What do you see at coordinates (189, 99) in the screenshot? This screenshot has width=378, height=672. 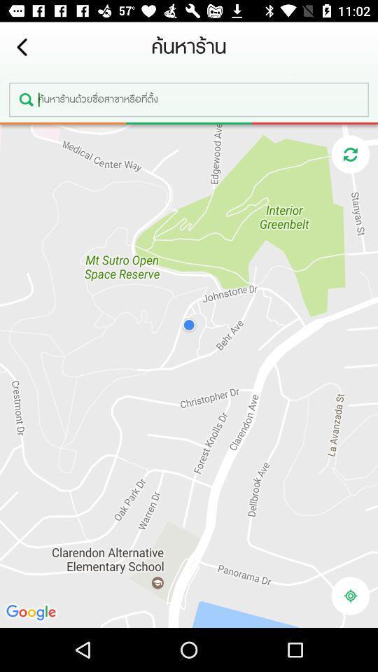 I see `search bar` at bounding box center [189, 99].